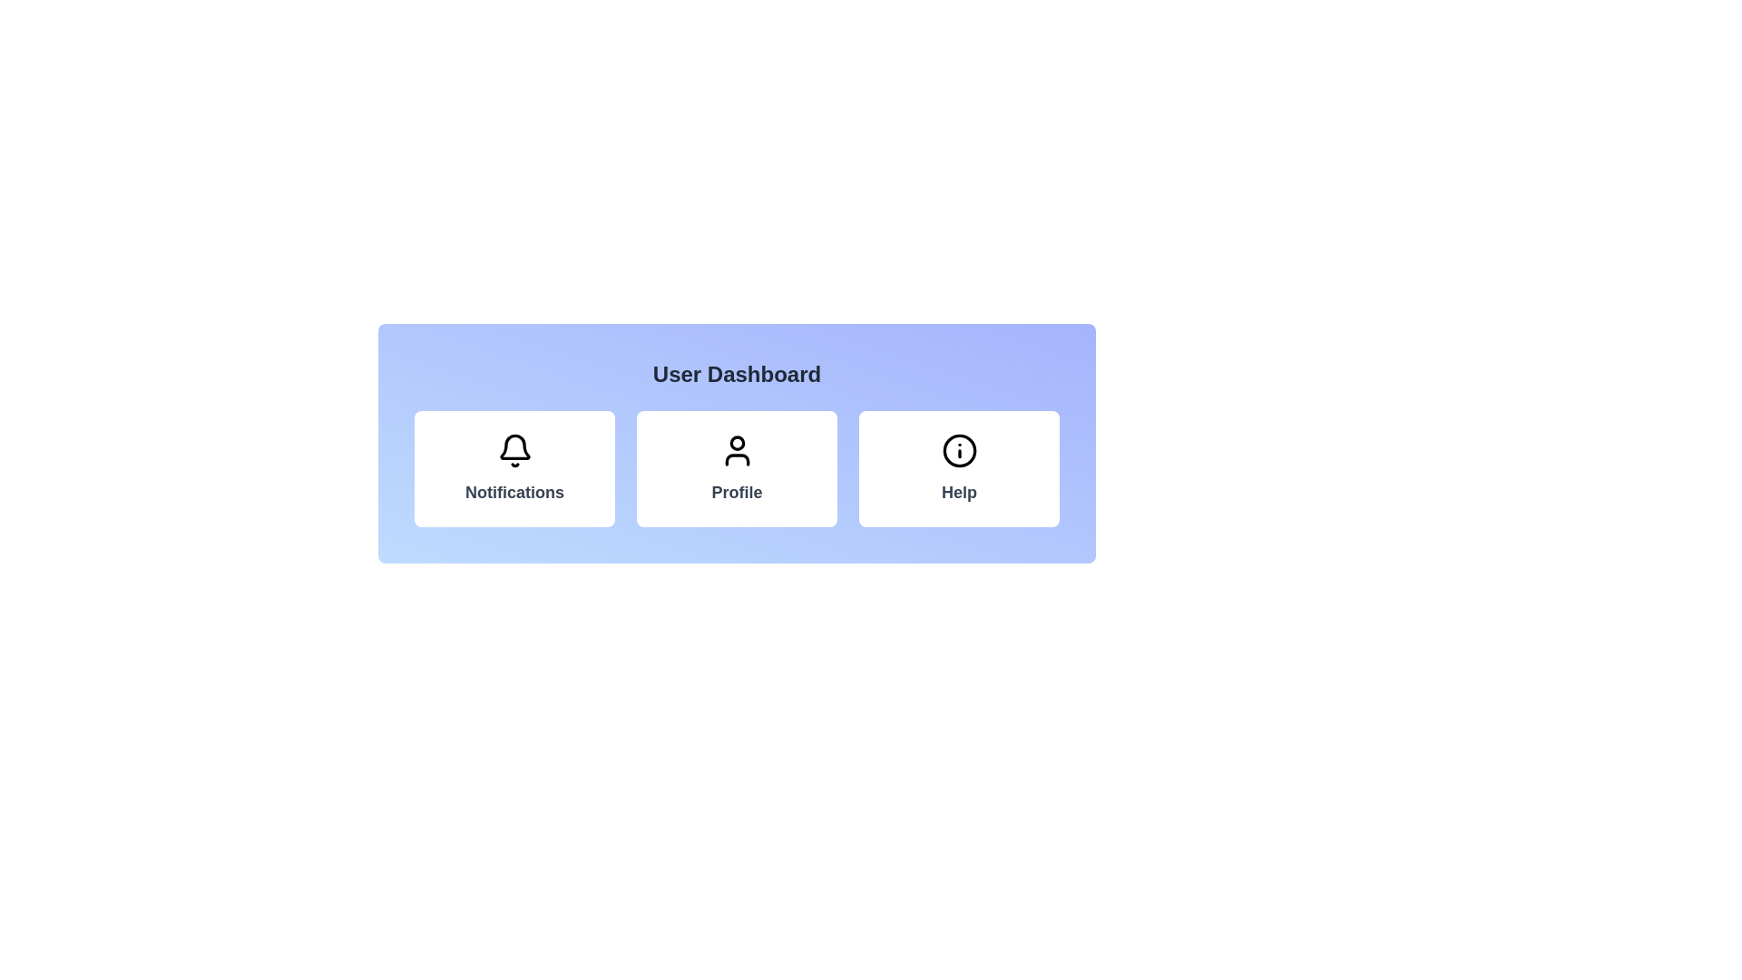 The height and width of the screenshot is (980, 1742). What do you see at coordinates (737, 450) in the screenshot?
I see `the user profile icon, which is a minimalistic line drawing of a person with a circular head and shoulders, located within the 'Profile' card` at bounding box center [737, 450].